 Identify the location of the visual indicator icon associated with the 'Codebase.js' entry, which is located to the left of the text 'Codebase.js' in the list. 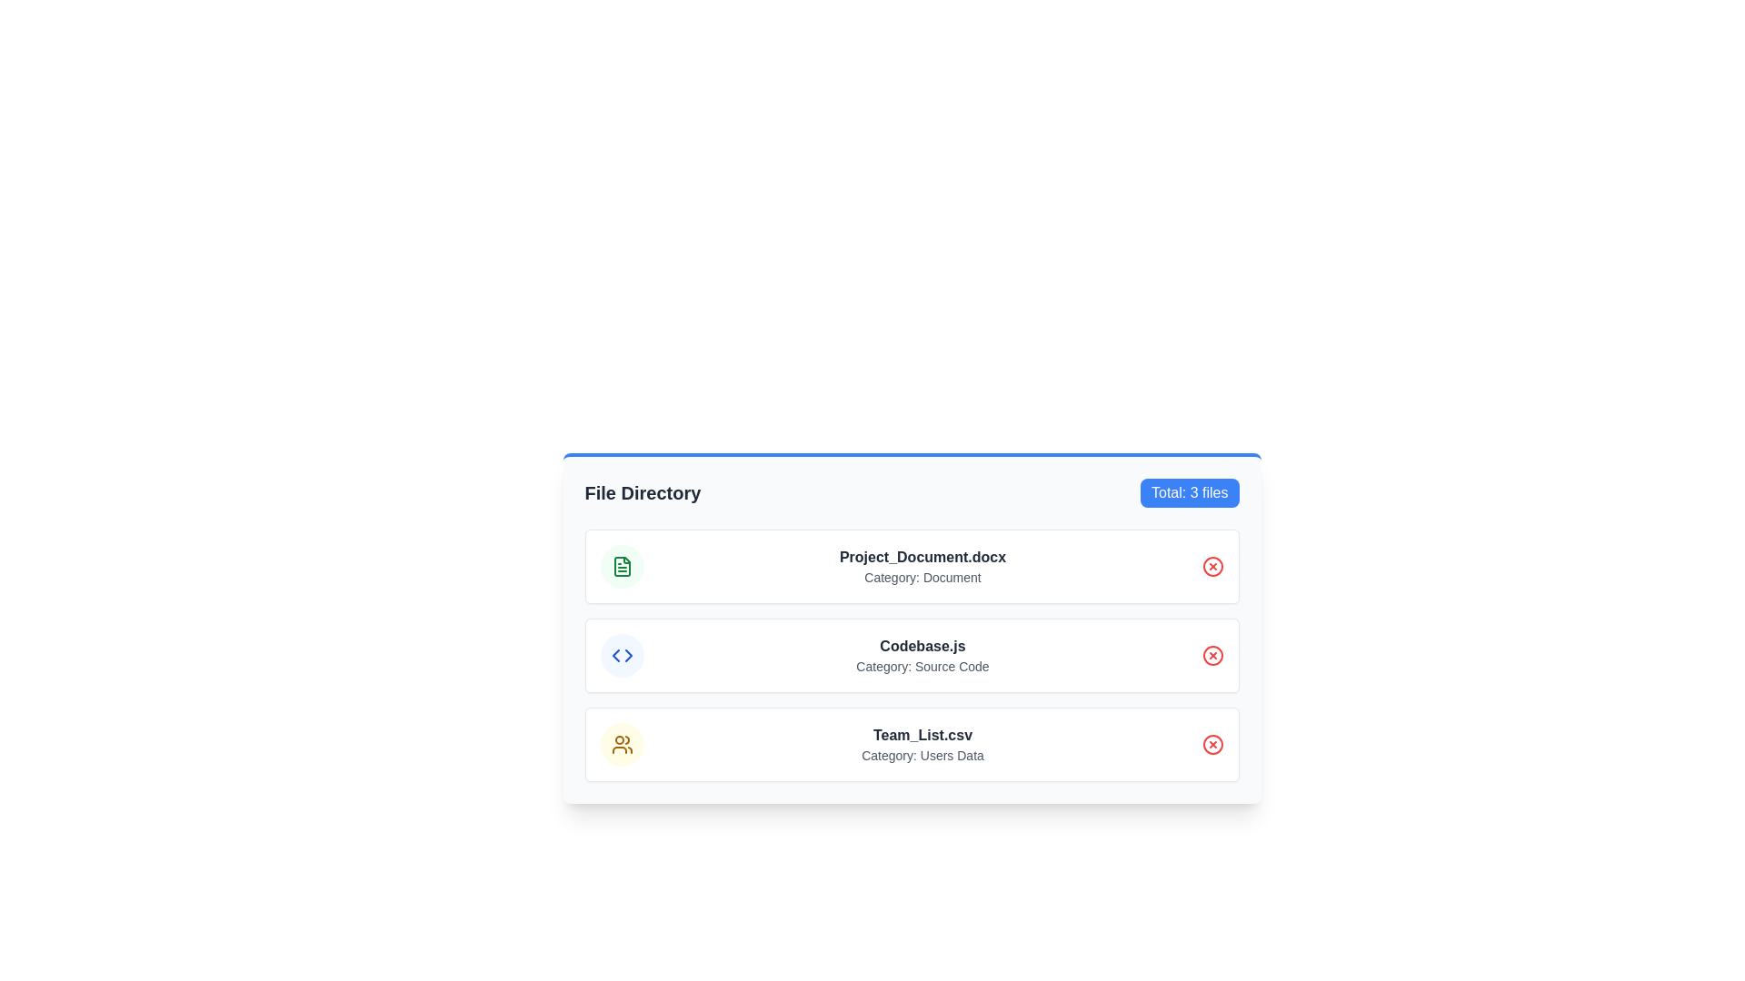
(622, 655).